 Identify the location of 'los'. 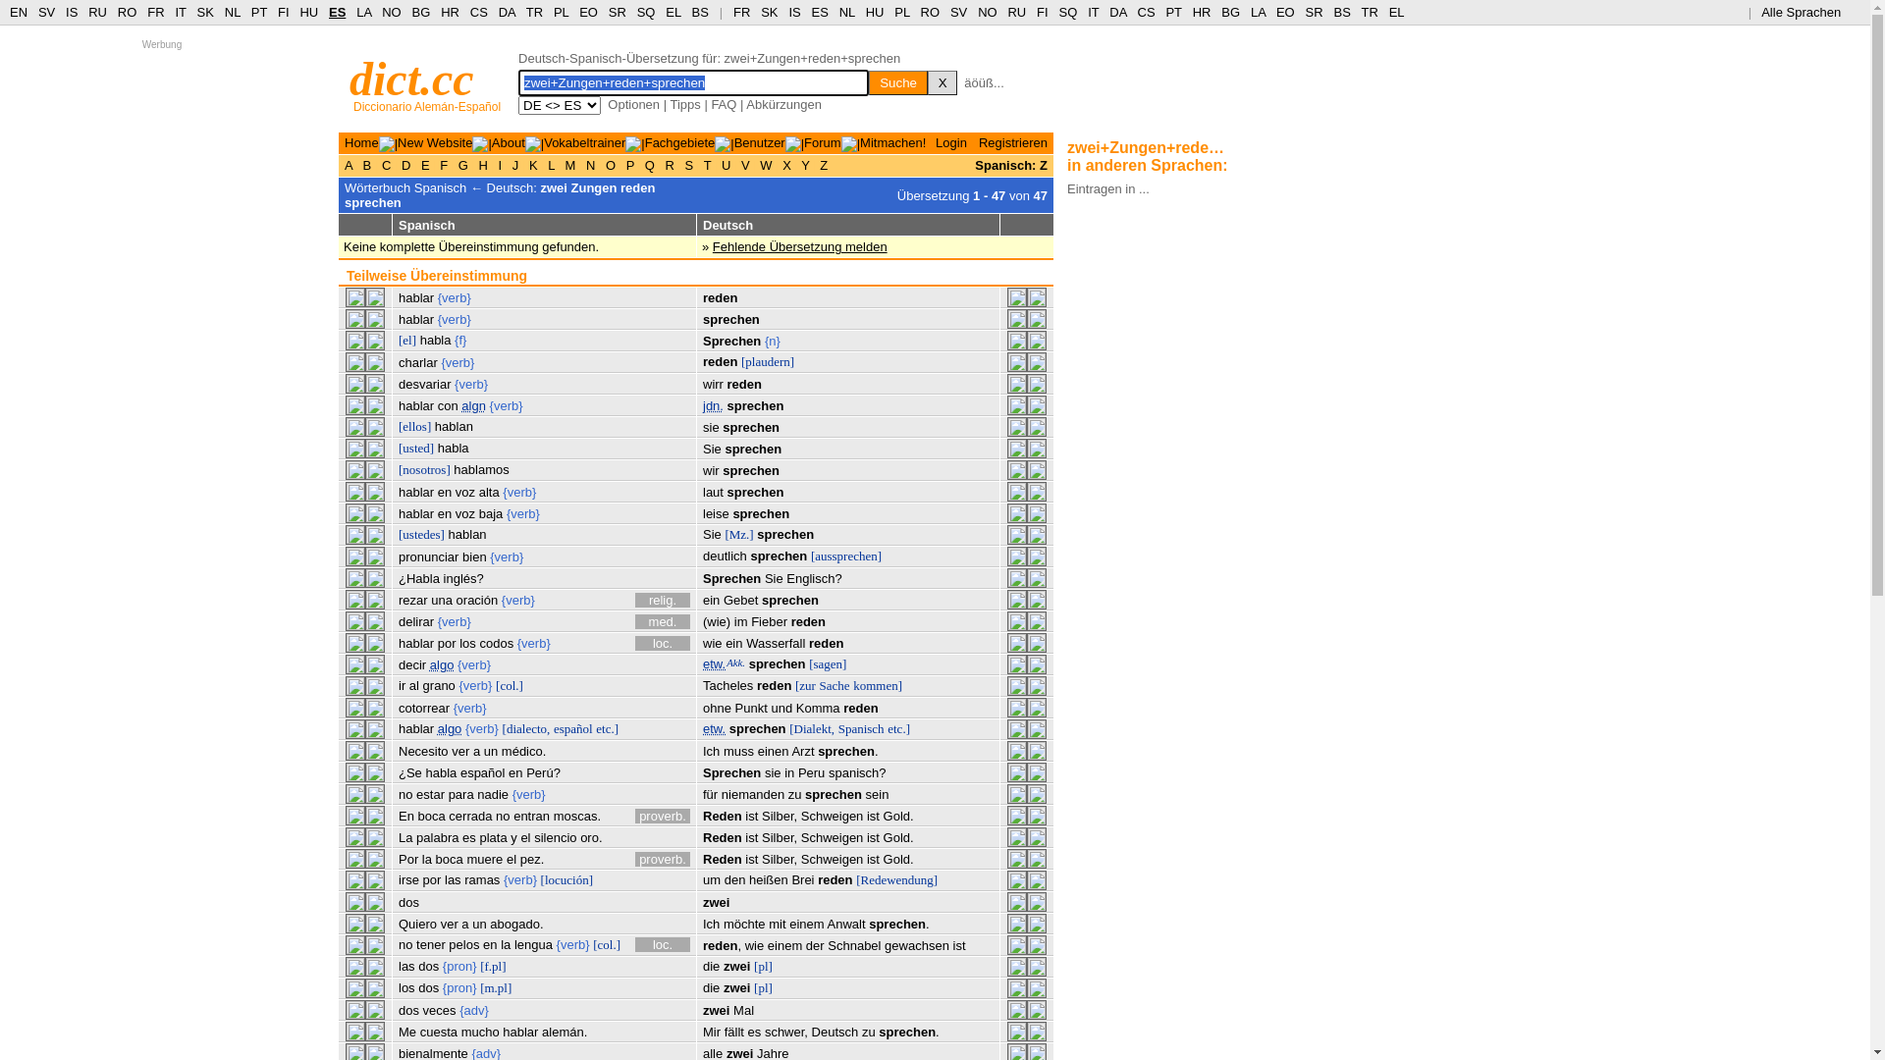
(466, 643).